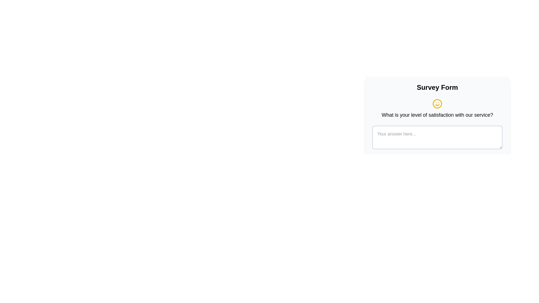  I want to click on the answer field and type the desired text, so click(437, 137).